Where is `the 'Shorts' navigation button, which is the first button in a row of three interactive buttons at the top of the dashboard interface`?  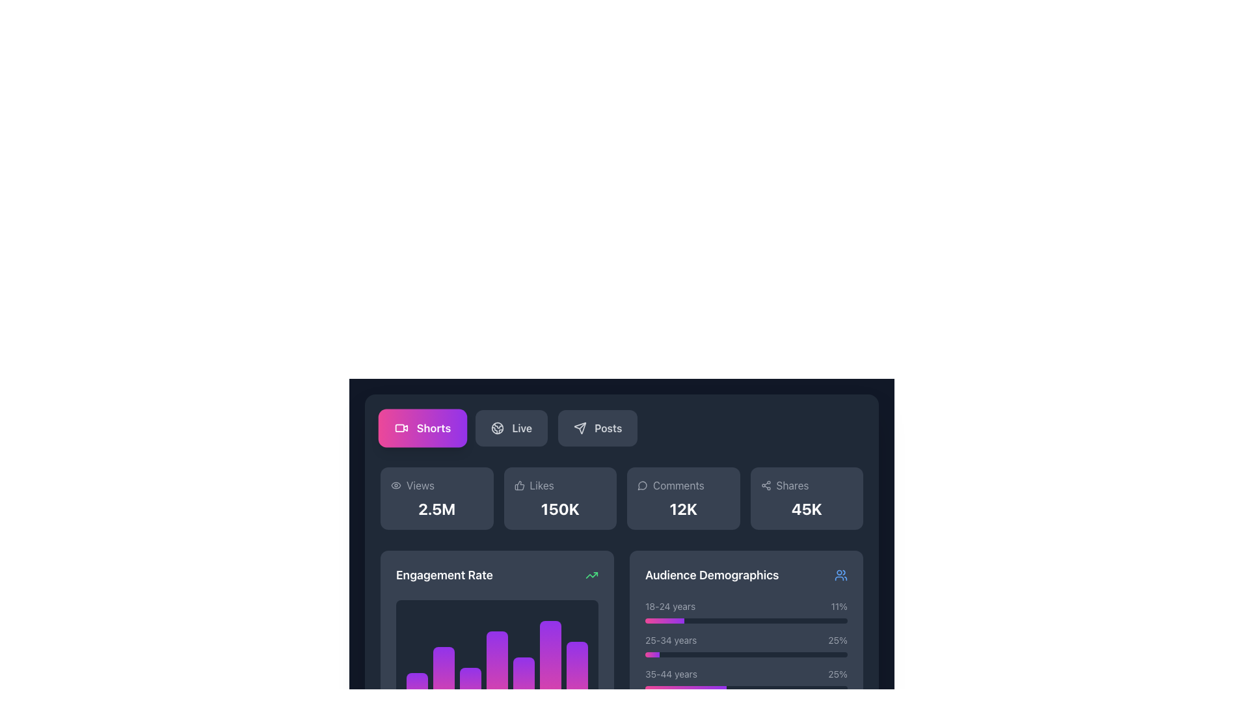
the 'Shorts' navigation button, which is the first button in a row of three interactive buttons at the top of the dashboard interface is located at coordinates (423, 428).